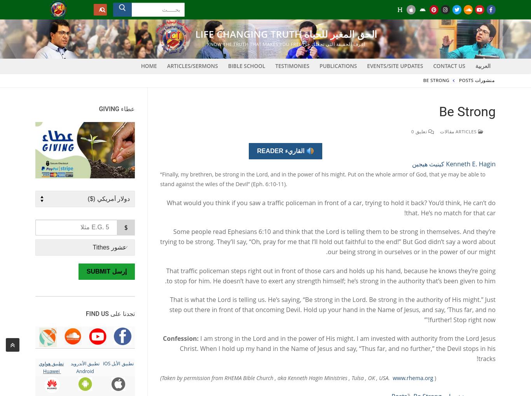  Describe the element at coordinates (286, 34) in the screenshot. I see `'الحق المغير للحياة Life Changing Truth'` at that location.